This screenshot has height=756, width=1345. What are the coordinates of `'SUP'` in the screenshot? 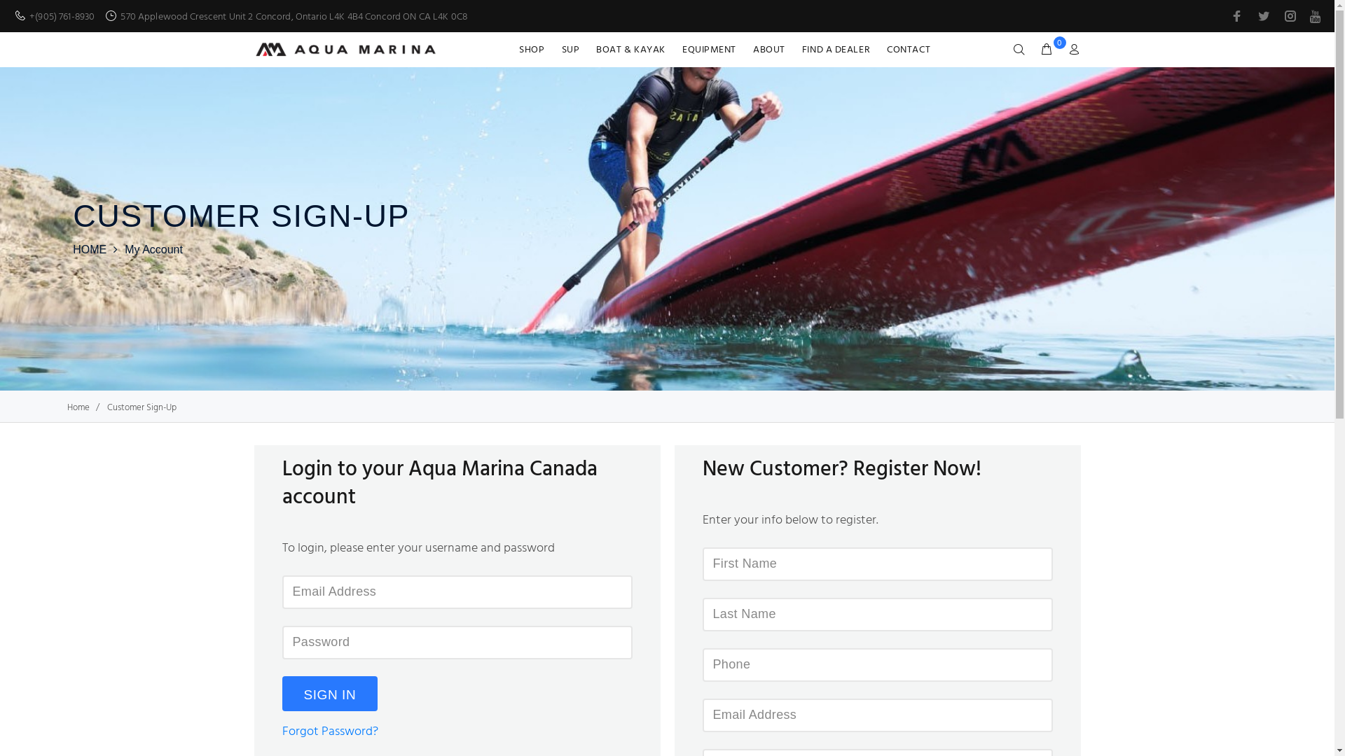 It's located at (571, 48).